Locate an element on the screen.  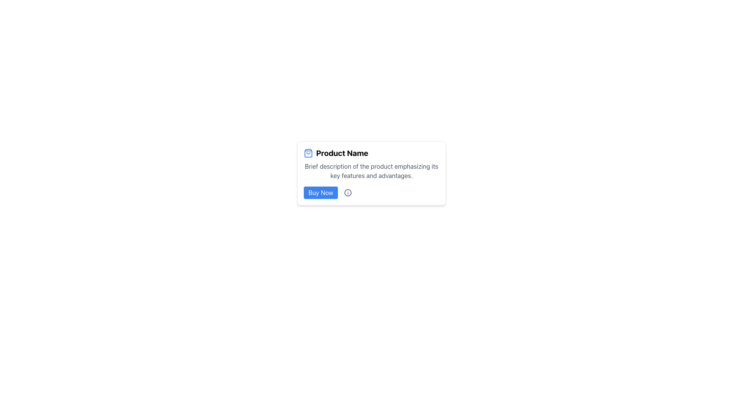
the Text Description element located below the 'Product Name' title and above the 'Buy Now' button is located at coordinates (371, 171).